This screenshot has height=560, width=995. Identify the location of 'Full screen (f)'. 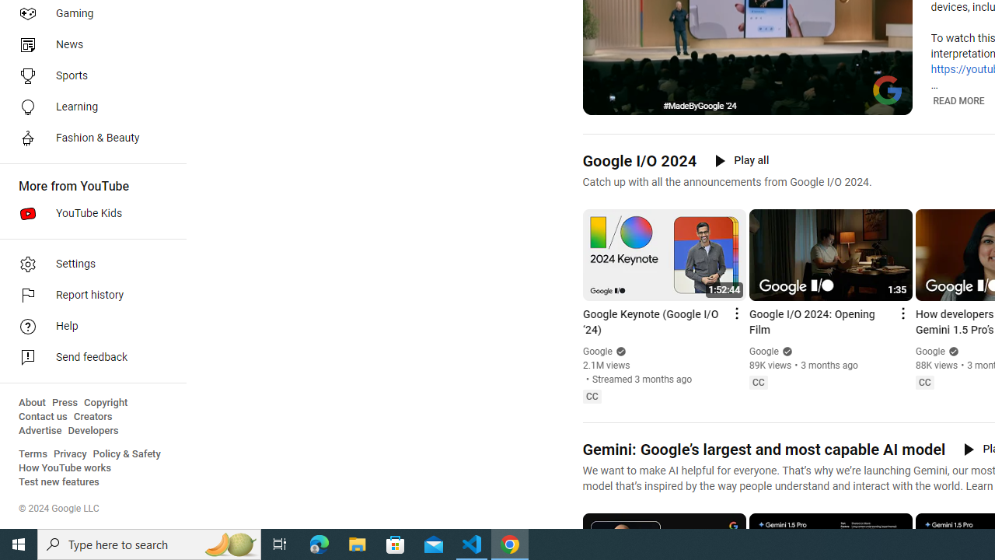
(889, 101).